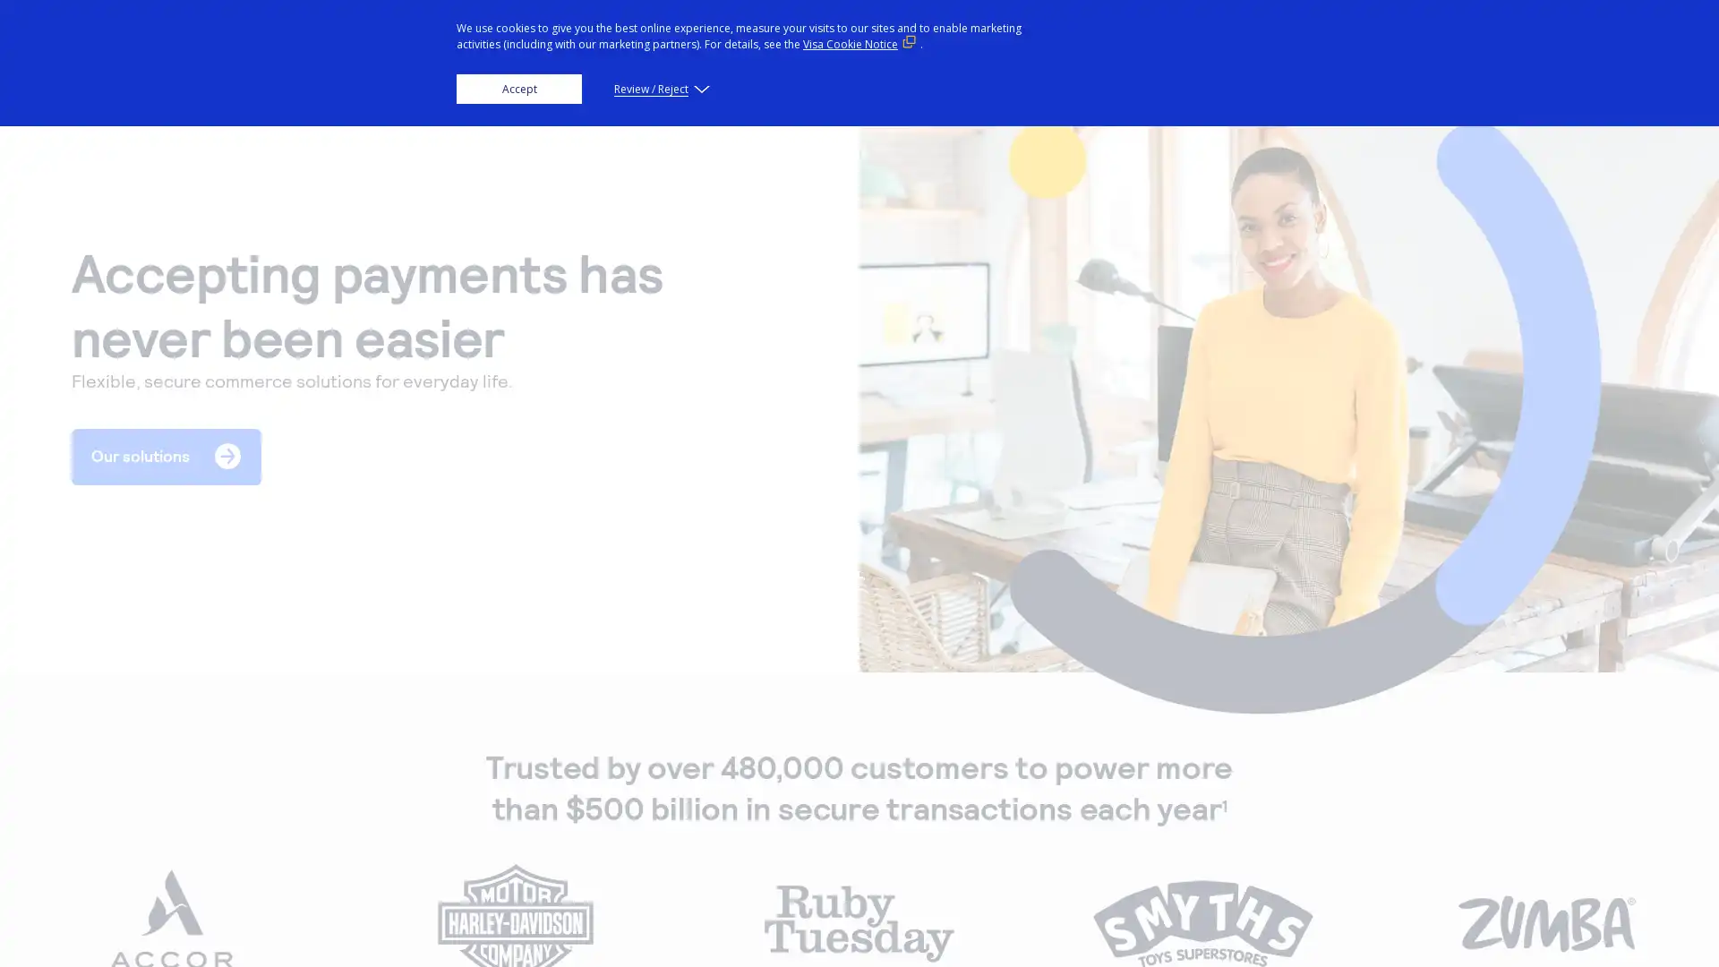 This screenshot has width=1719, height=967. What do you see at coordinates (1401, 37) in the screenshot?
I see `Search` at bounding box center [1401, 37].